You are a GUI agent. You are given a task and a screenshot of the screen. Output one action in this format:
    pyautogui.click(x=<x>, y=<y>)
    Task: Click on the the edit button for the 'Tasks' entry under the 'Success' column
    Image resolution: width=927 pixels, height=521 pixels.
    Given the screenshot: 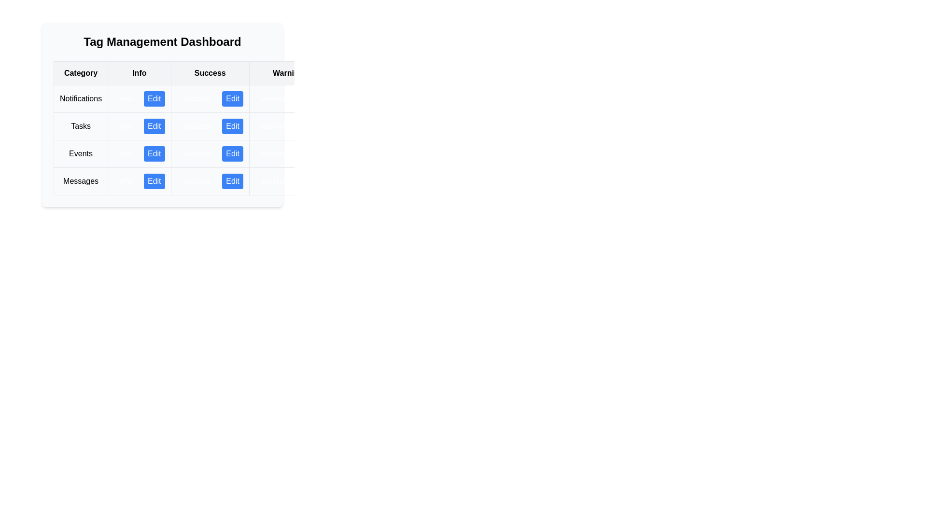 What is the action you would take?
    pyautogui.click(x=223, y=128)
    